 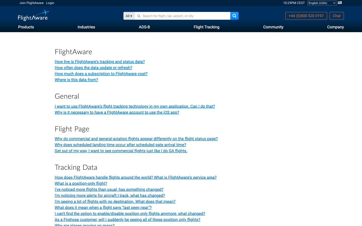 I want to click on Verify the real-time status of FlightAware"s tracking data, so click(x=110, y=195).